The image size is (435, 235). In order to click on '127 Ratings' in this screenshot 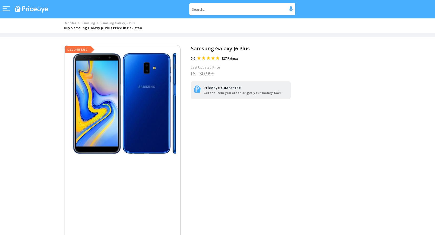, I will do `click(230, 58)`.